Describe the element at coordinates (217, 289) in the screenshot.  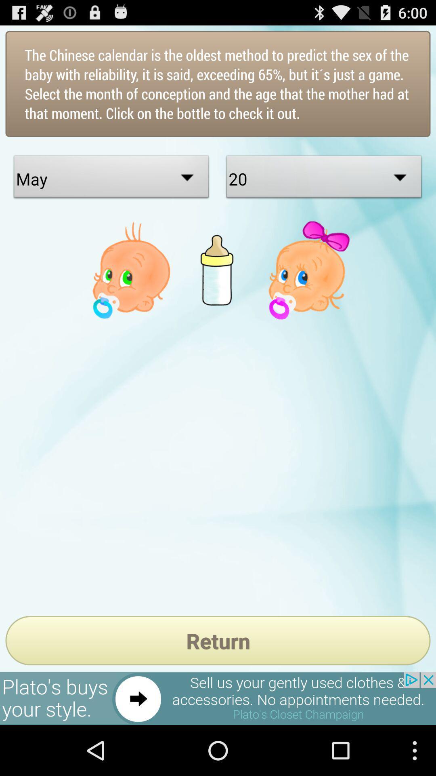
I see `the delete icon` at that location.